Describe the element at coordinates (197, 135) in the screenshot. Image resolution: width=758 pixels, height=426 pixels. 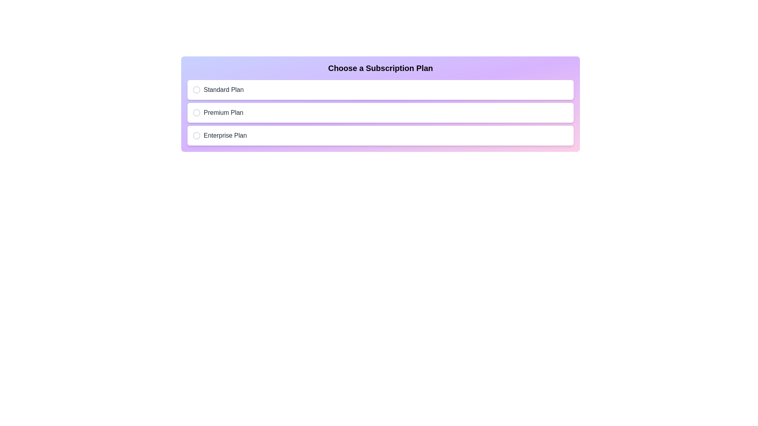
I see `the radio button representing the 'Enterprise Plan' subscription option` at that location.